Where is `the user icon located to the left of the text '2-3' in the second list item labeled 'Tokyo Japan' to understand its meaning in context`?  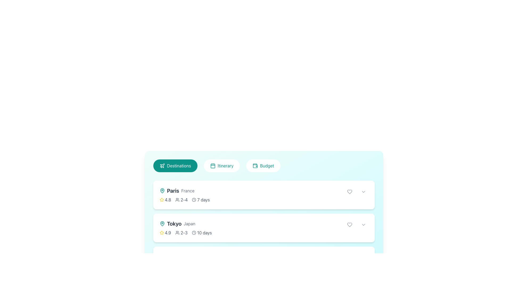
the user icon located to the left of the text '2-3' in the second list item labeled 'Tokyo Japan' to understand its meaning in context is located at coordinates (177, 232).